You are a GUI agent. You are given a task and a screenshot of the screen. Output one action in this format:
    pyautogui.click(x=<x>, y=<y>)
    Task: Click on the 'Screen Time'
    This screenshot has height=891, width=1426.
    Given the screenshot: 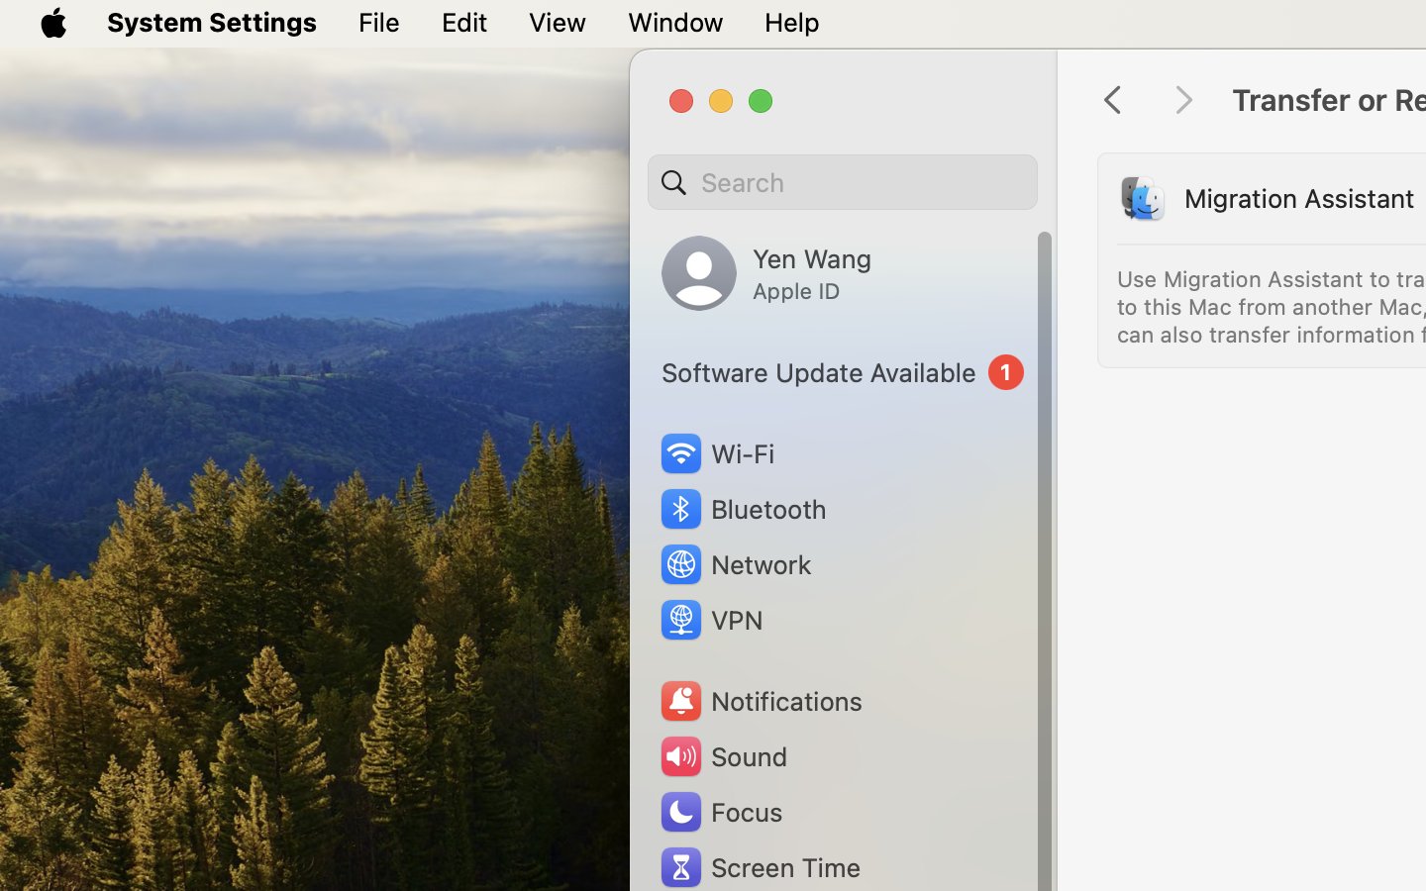 What is the action you would take?
    pyautogui.click(x=758, y=866)
    